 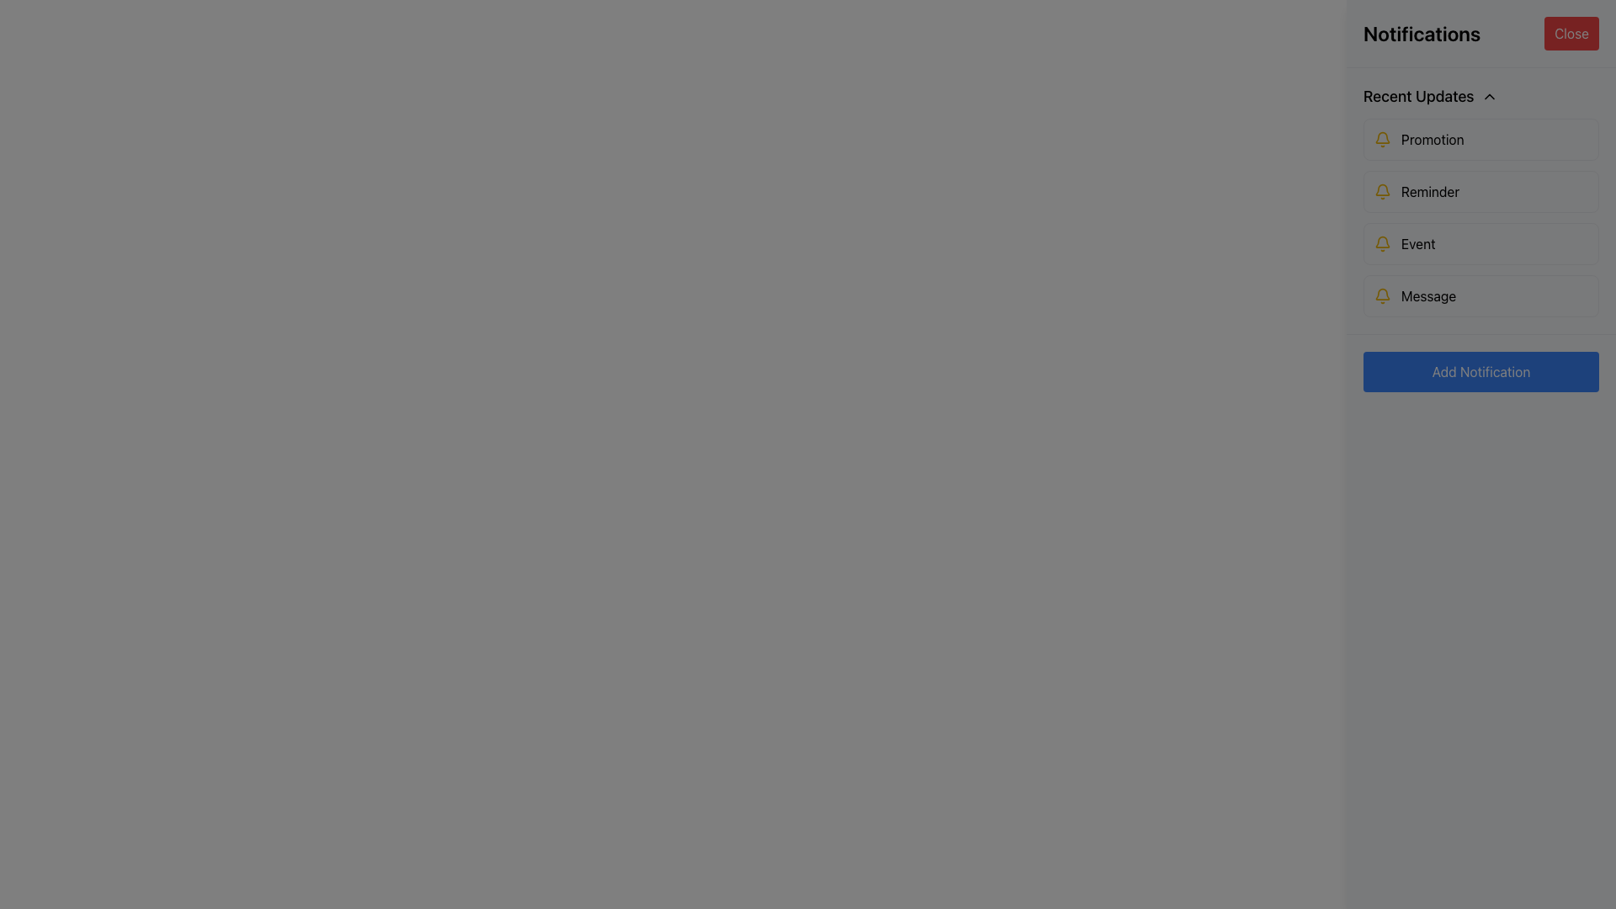 I want to click on the 'Promotion' notification button located under 'Recent Updates', so click(x=1481, y=138).